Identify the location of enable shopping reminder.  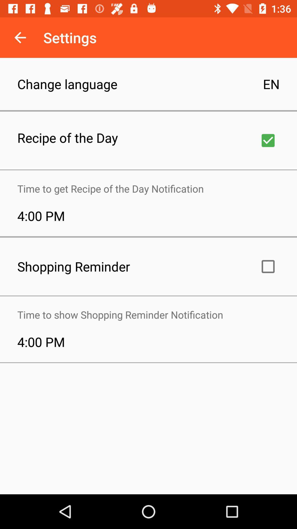
(268, 266).